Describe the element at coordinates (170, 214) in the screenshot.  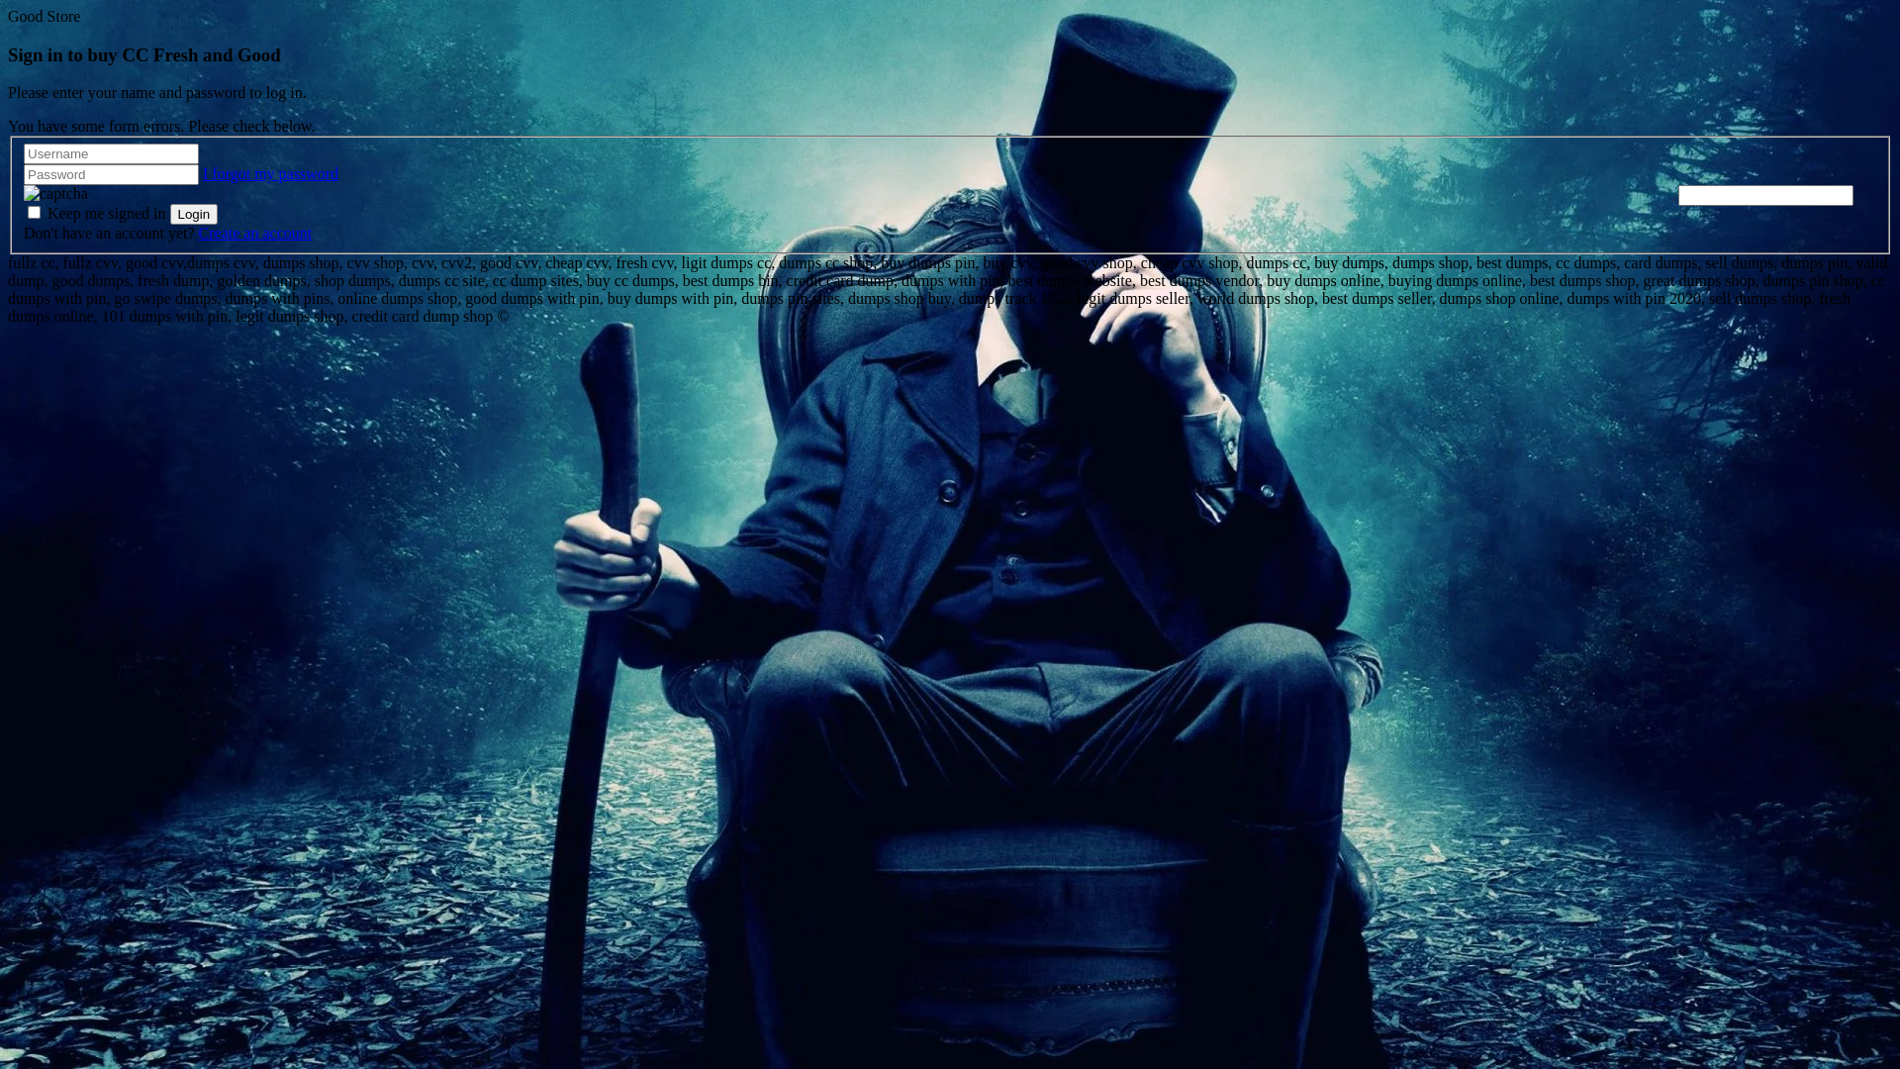
I see `'Login'` at that location.